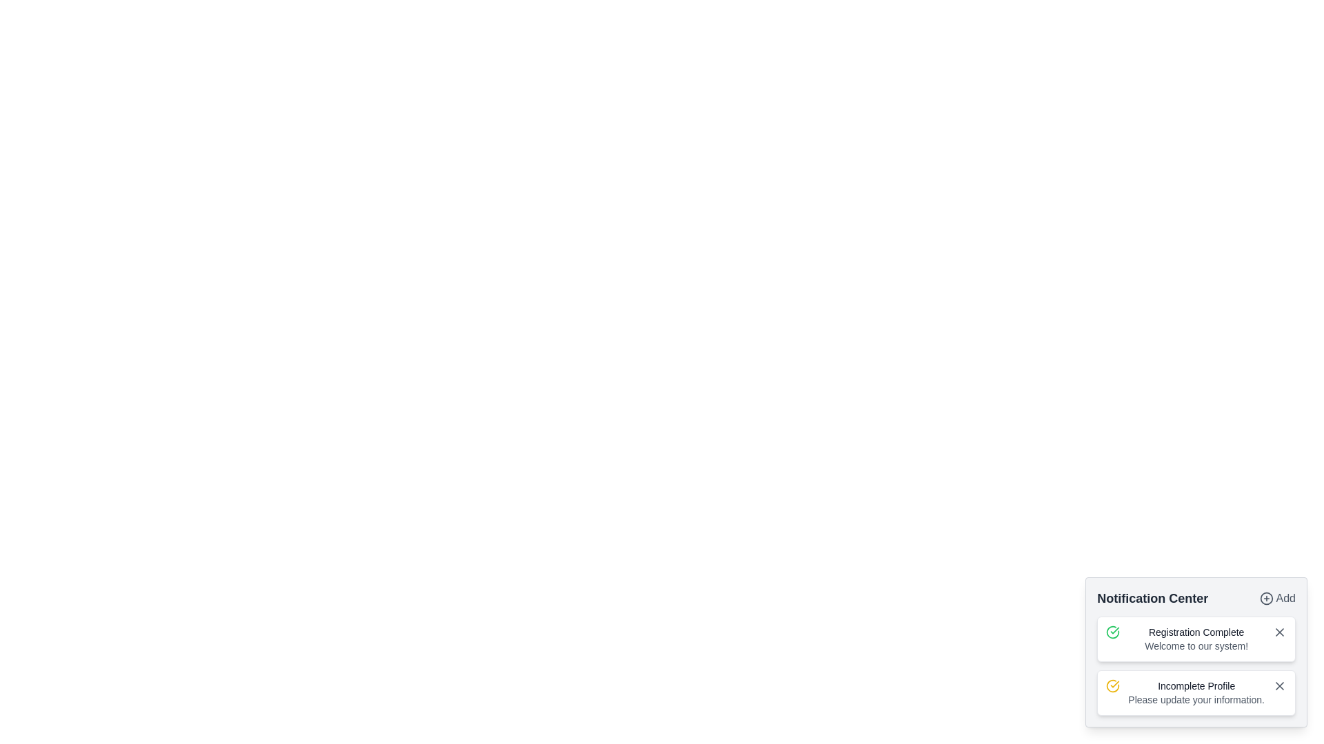 This screenshot has height=744, width=1324. I want to click on the 'Incomplete Profile' text label within the Notification Center to interact with it, so click(1196, 685).